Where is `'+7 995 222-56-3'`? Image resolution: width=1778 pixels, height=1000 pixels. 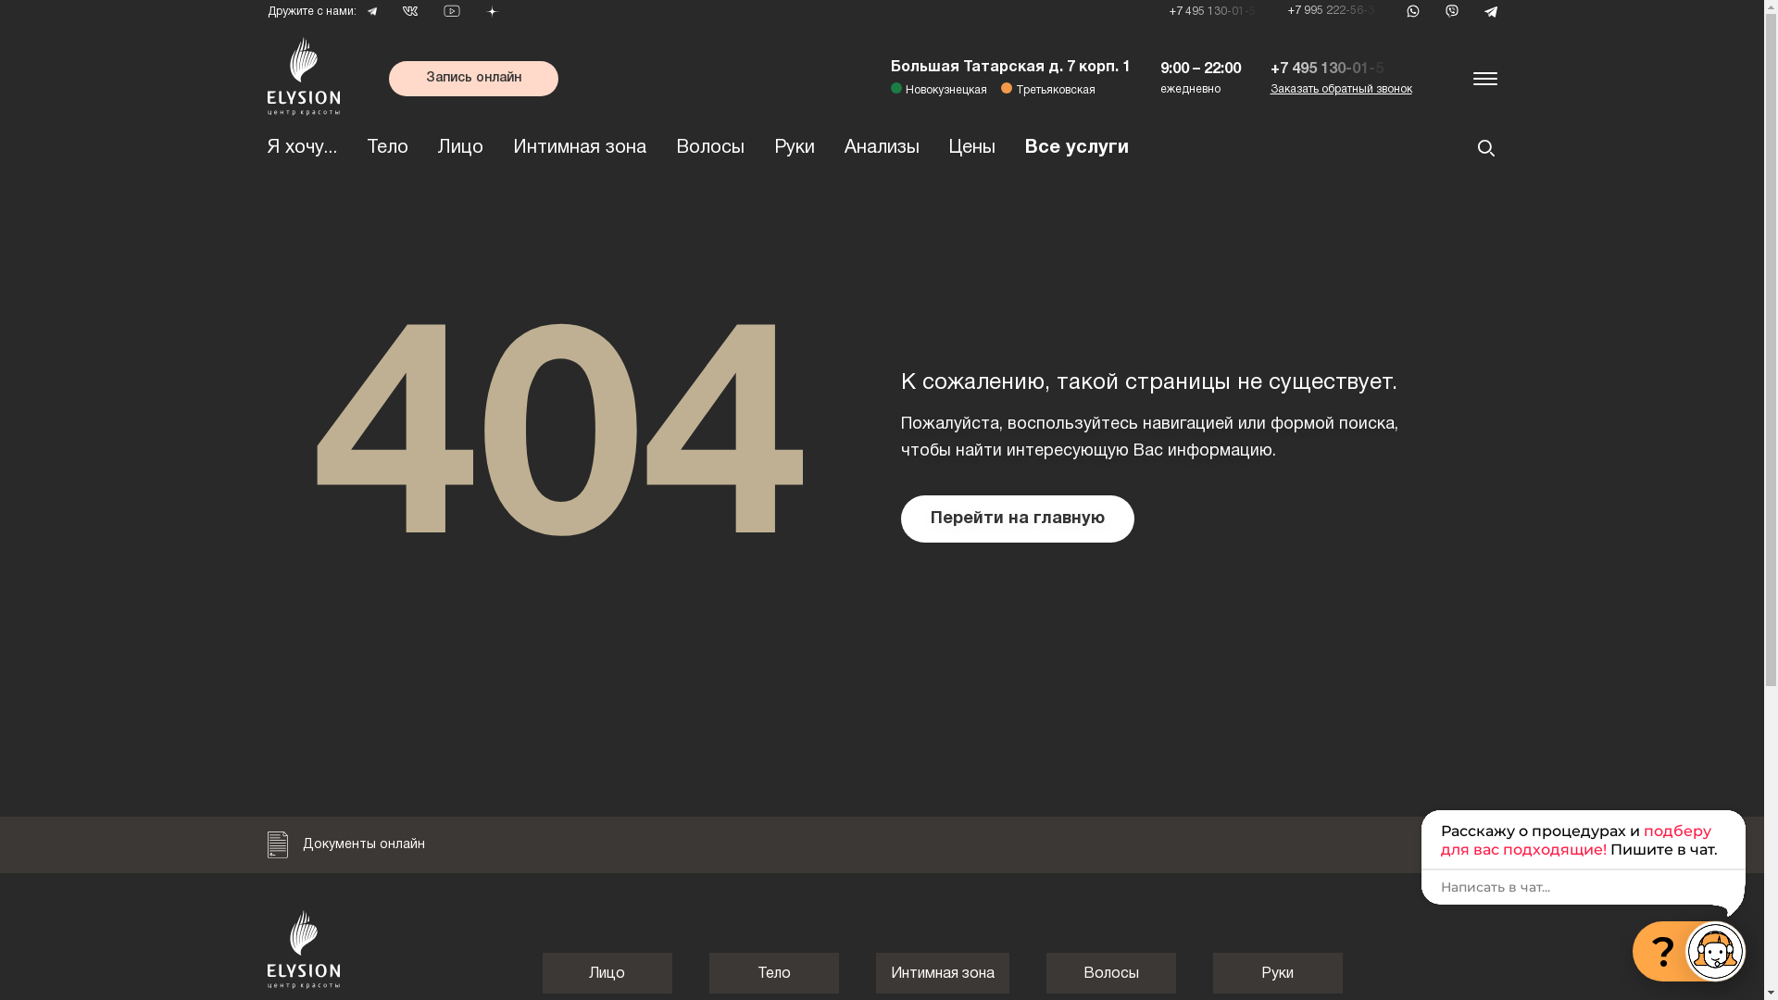 '+7 995 222-56-3' is located at coordinates (1333, 10).